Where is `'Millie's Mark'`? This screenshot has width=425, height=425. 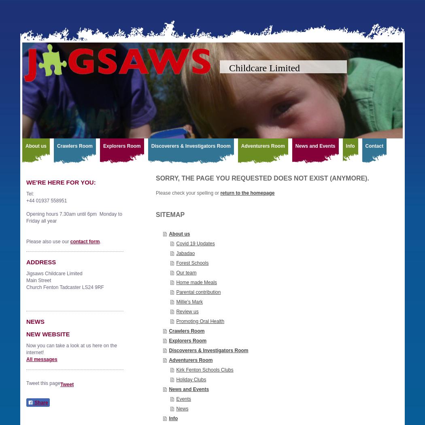
'Millie's Mark' is located at coordinates (189, 301).